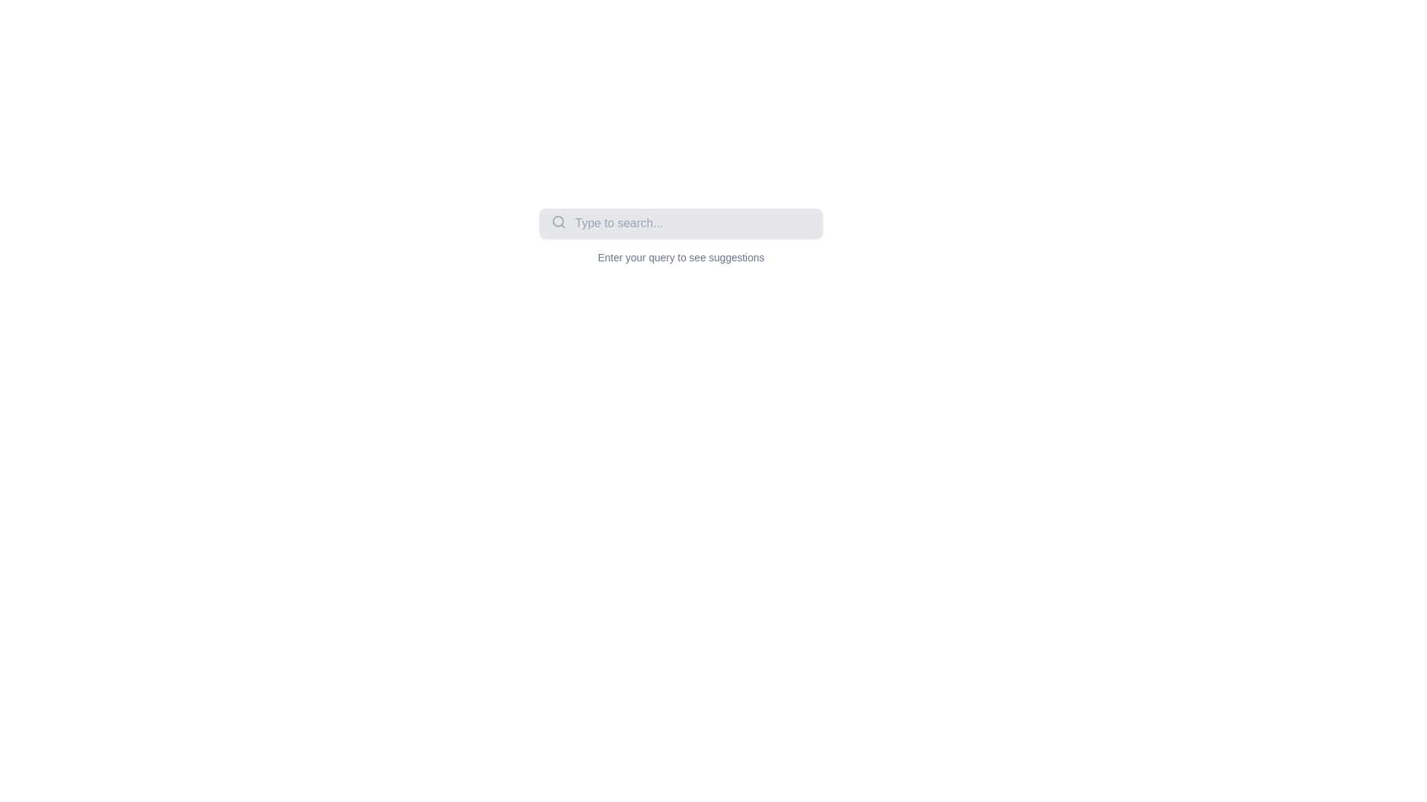 This screenshot has width=1427, height=802. What do you see at coordinates (557, 221) in the screenshot?
I see `the circular decorative element of the magnifying glass icon located at the left end of the search bar at the top center of the interface` at bounding box center [557, 221].